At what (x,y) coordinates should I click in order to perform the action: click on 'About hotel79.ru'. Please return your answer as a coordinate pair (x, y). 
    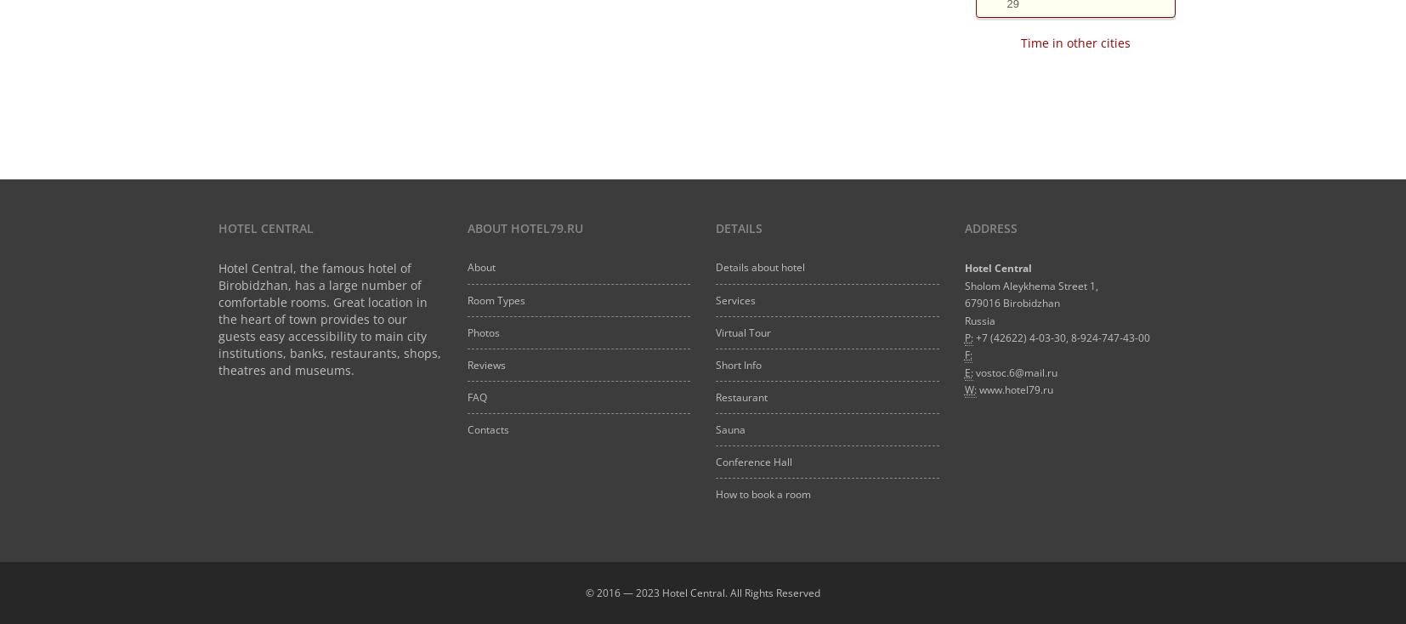
    Looking at the image, I should click on (524, 227).